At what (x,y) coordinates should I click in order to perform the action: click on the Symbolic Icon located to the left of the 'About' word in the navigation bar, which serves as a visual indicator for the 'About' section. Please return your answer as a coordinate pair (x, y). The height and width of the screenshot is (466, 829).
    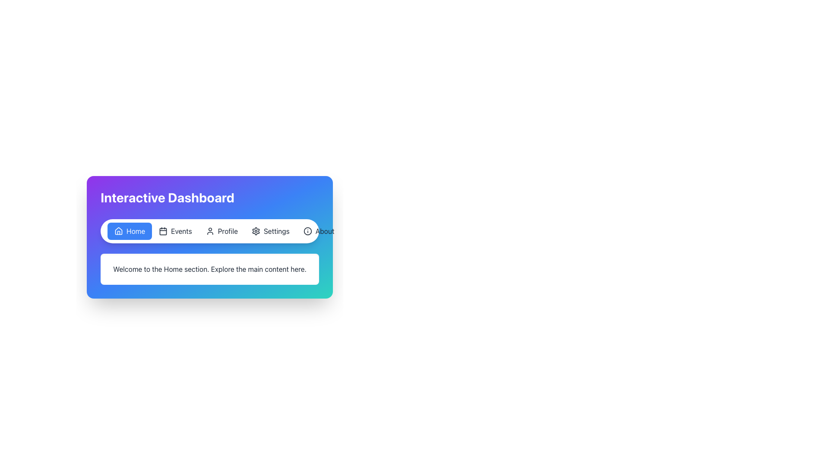
    Looking at the image, I should click on (307, 231).